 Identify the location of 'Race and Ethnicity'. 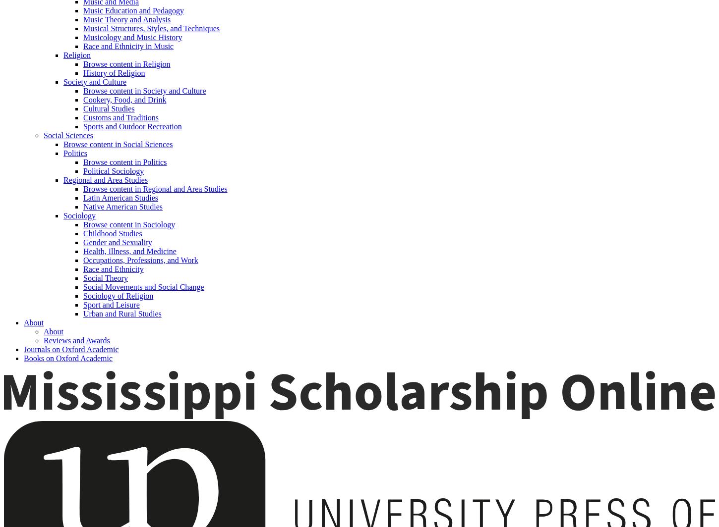
(113, 269).